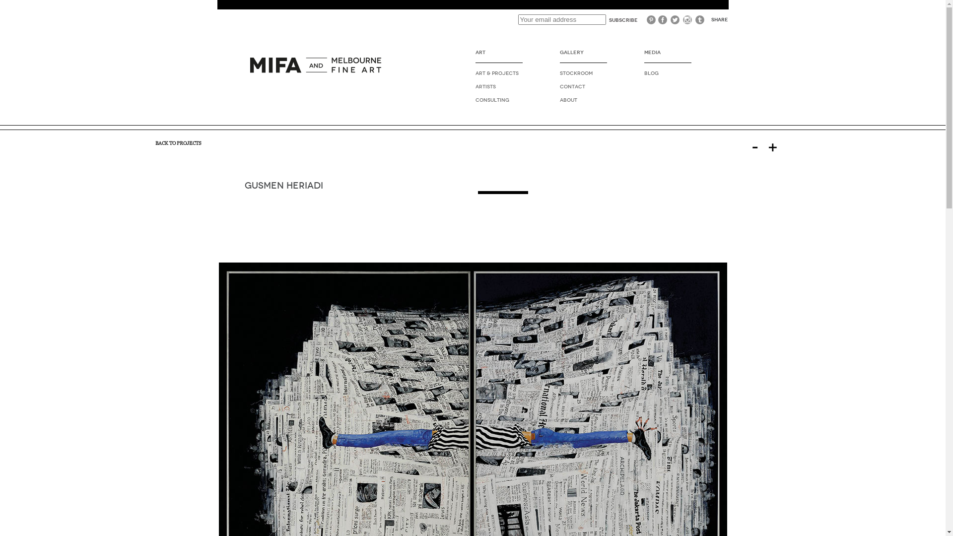 The image size is (953, 536). I want to click on 'Tumblr', so click(694, 19).